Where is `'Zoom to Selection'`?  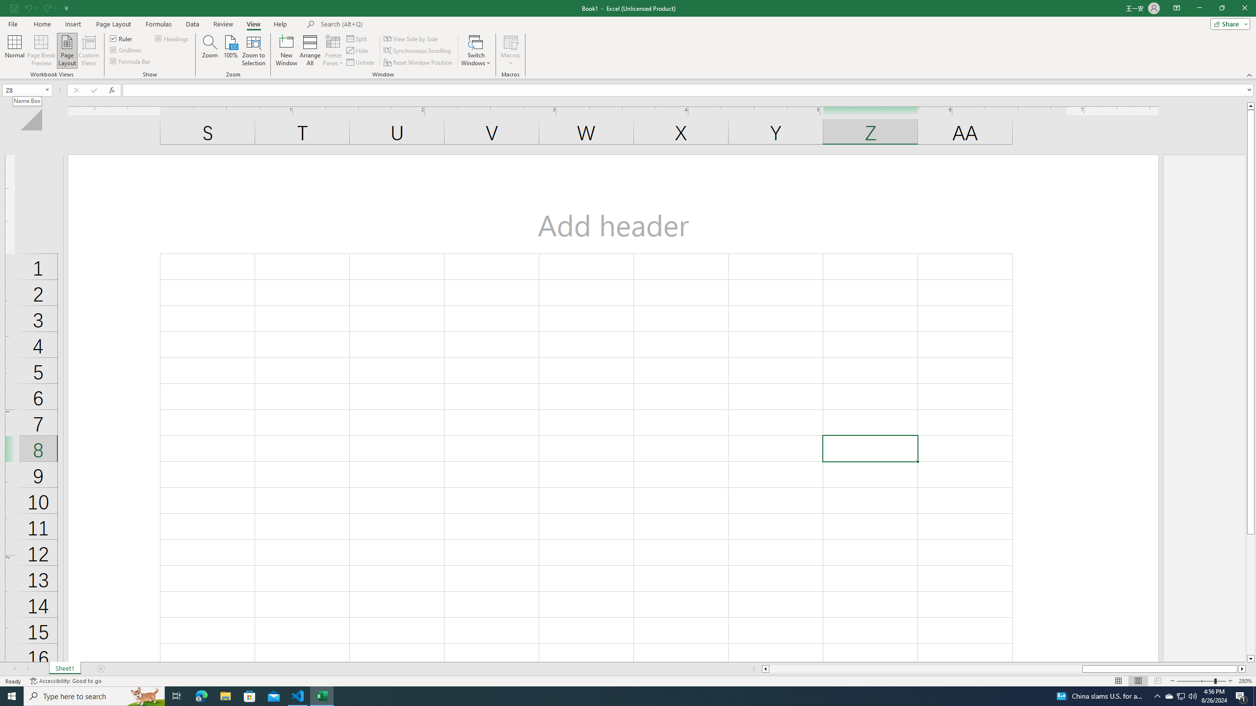
'Zoom to Selection' is located at coordinates (254, 50).